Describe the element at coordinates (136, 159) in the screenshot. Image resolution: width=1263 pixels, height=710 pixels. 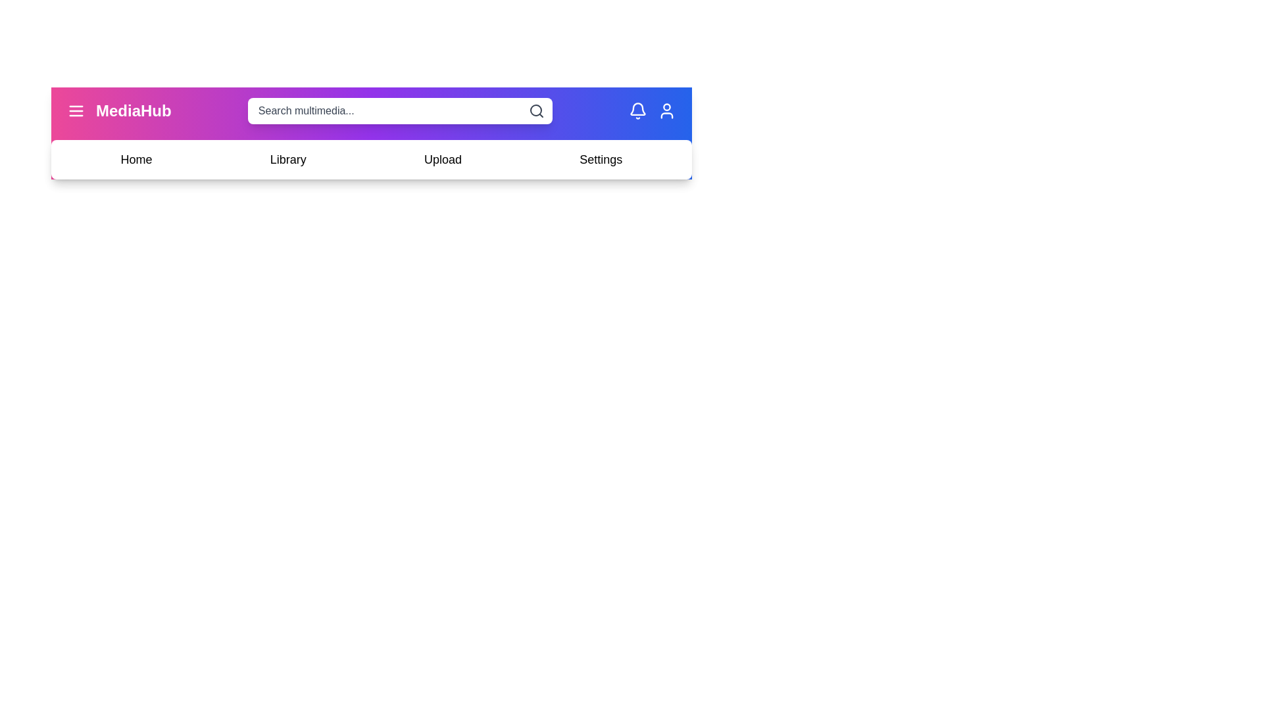
I see `the navigation item Home to navigate to the respective section` at that location.